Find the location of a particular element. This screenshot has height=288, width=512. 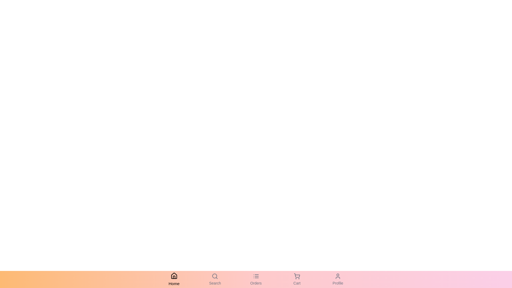

the Profile tab by clicking on it is located at coordinates (338, 279).